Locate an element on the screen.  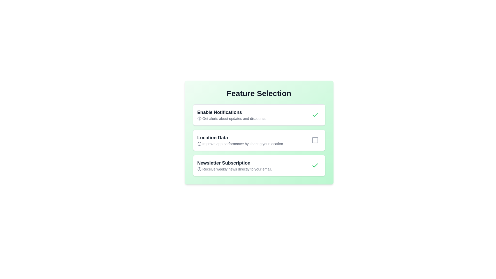
the circular outline icon related to the 'Enable Notifications' feature, which is part of the first item in the list is located at coordinates (199, 119).